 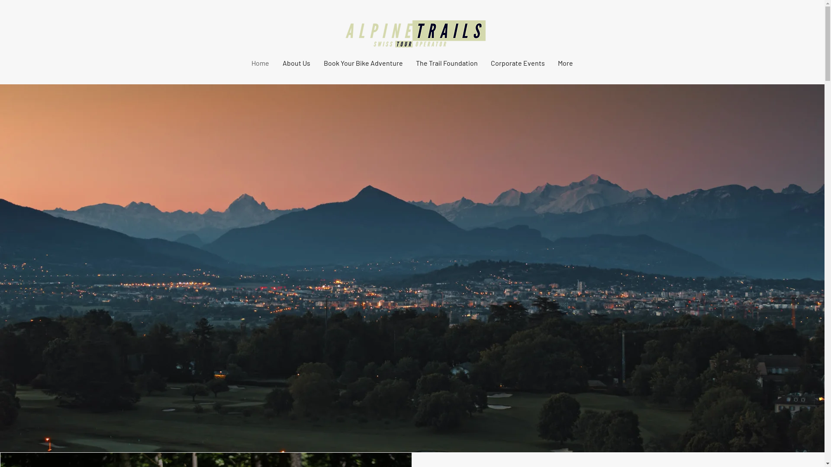 I want to click on 'Book Your Bike Adventure', so click(x=363, y=63).